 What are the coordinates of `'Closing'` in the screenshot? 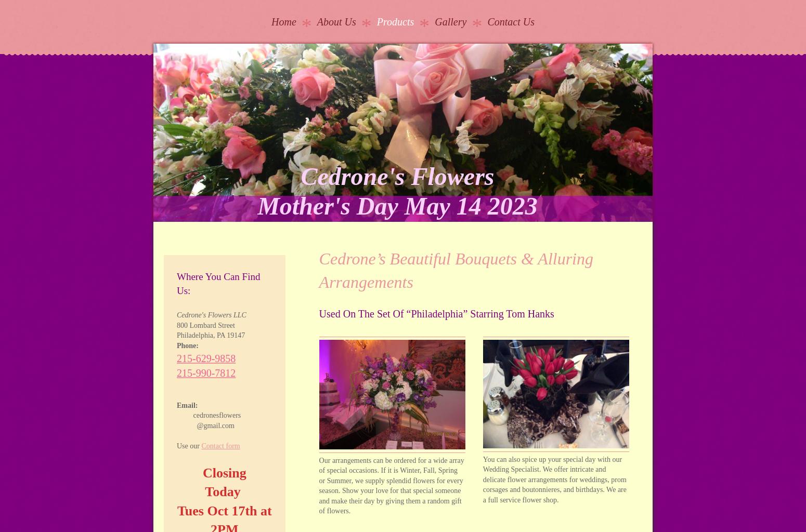 It's located at (224, 472).